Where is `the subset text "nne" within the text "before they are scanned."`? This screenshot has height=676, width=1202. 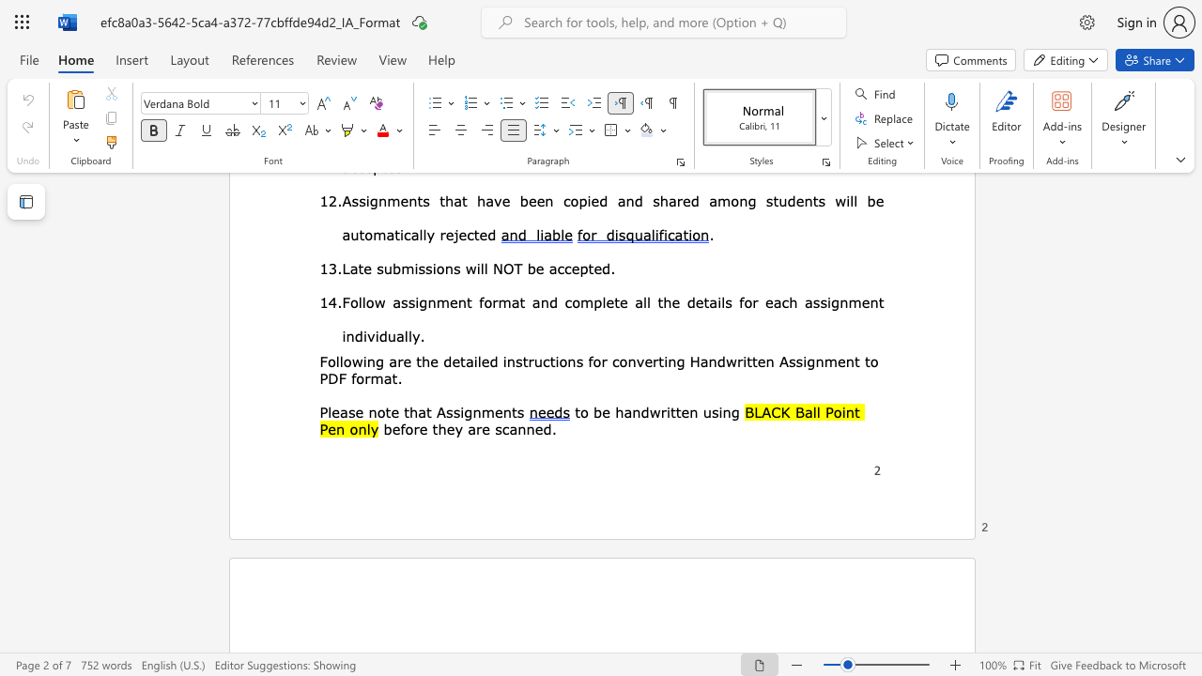
the subset text "nne" within the text "before they are scanned." is located at coordinates (517, 428).